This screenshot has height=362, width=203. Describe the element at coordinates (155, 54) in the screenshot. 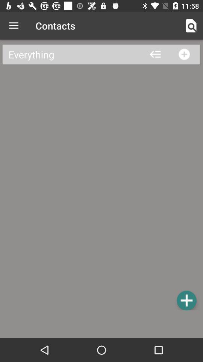

I see `the arrow_backward icon` at that location.